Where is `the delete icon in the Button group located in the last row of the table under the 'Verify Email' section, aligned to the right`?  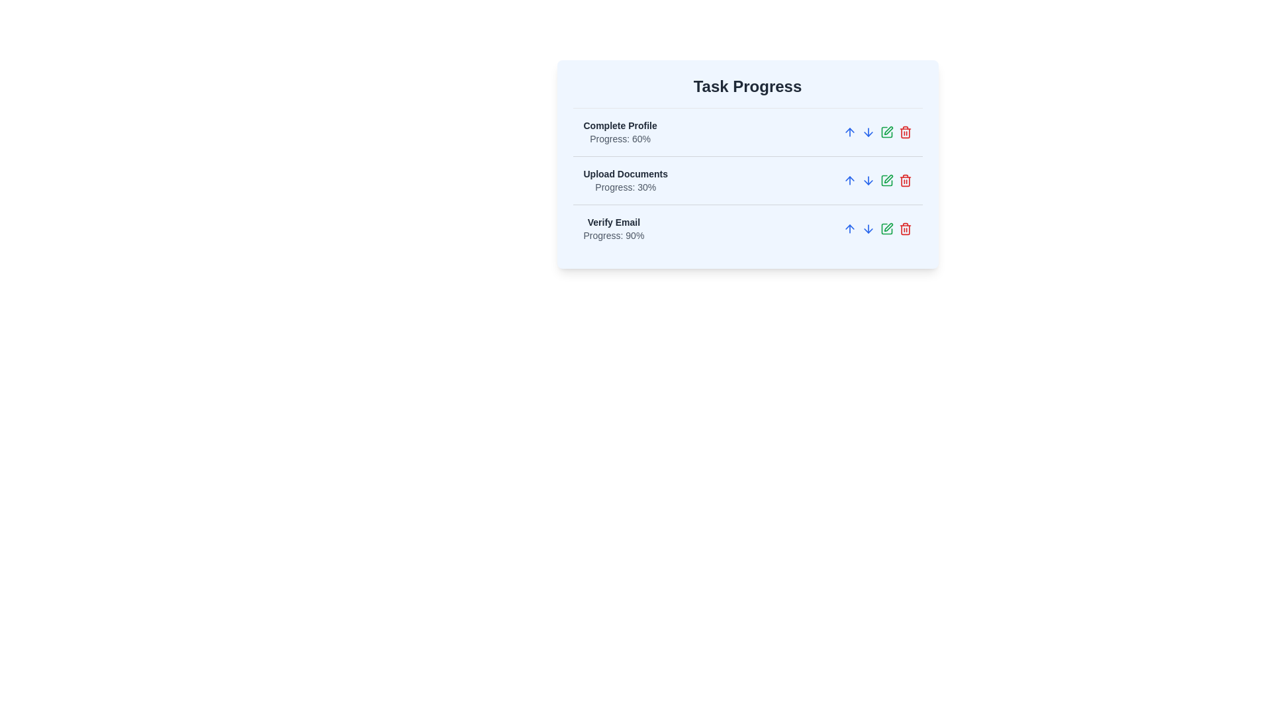 the delete icon in the Button group located in the last row of the table under the 'Verify Email' section, aligned to the right is located at coordinates (877, 228).